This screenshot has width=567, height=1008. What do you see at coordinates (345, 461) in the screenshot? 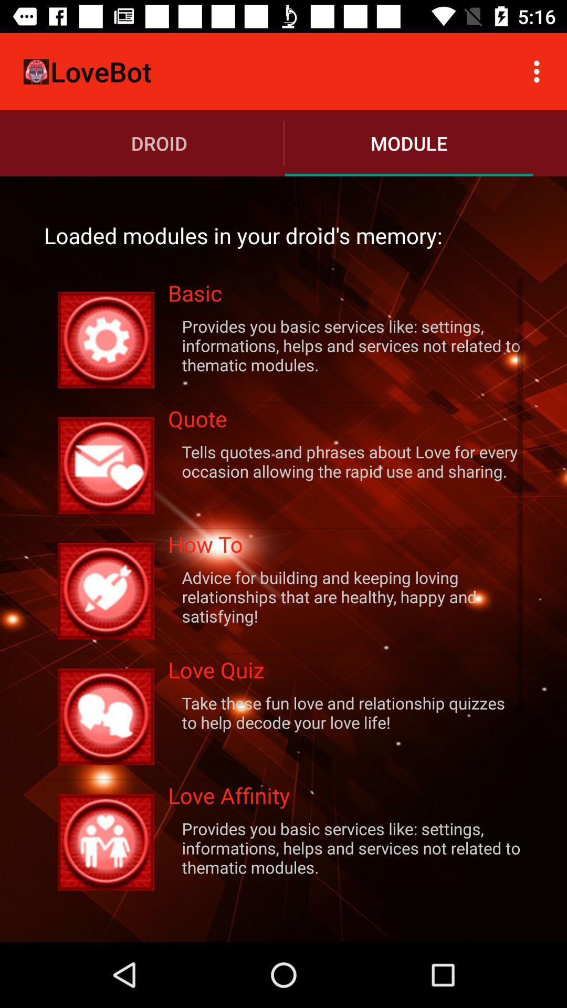
I see `the icon below the quote item` at bounding box center [345, 461].